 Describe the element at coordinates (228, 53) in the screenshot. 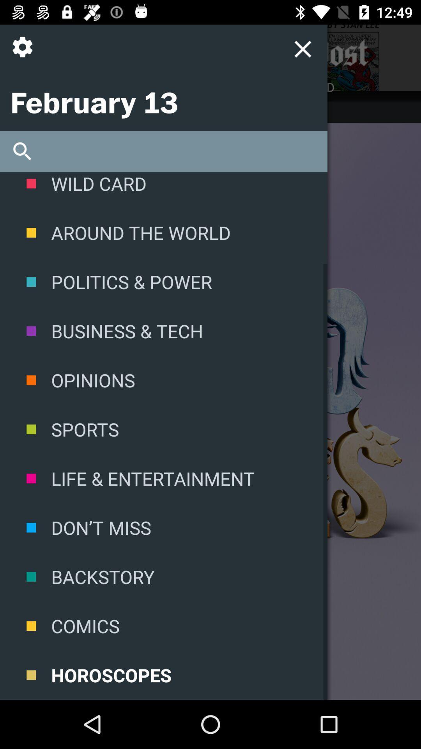

I see `the menu` at that location.